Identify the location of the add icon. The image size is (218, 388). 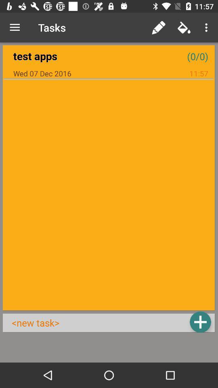
(200, 322).